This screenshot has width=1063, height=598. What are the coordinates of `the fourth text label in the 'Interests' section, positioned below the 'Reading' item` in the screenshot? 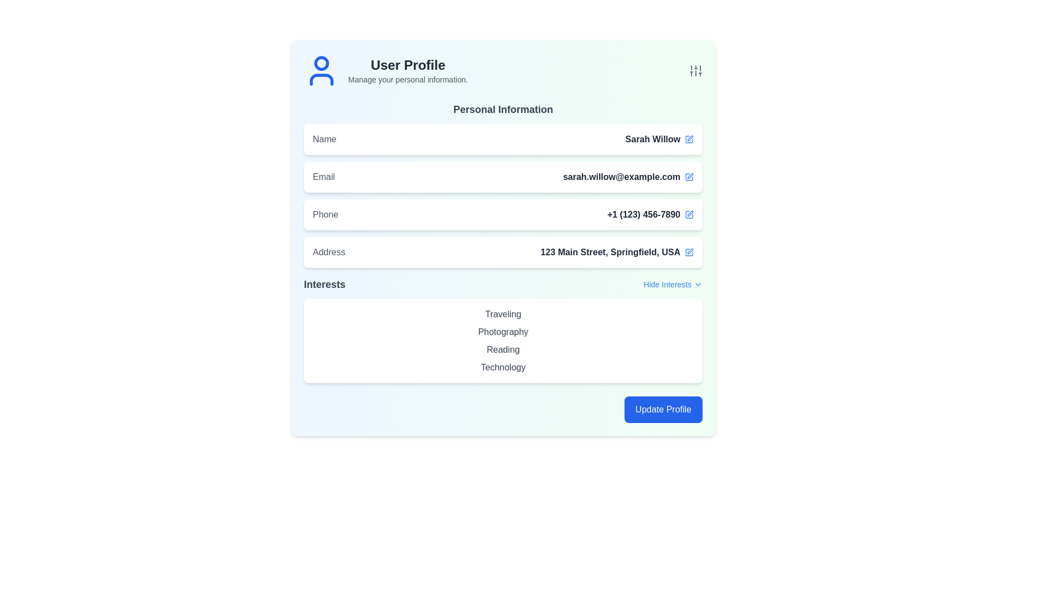 It's located at (502, 367).